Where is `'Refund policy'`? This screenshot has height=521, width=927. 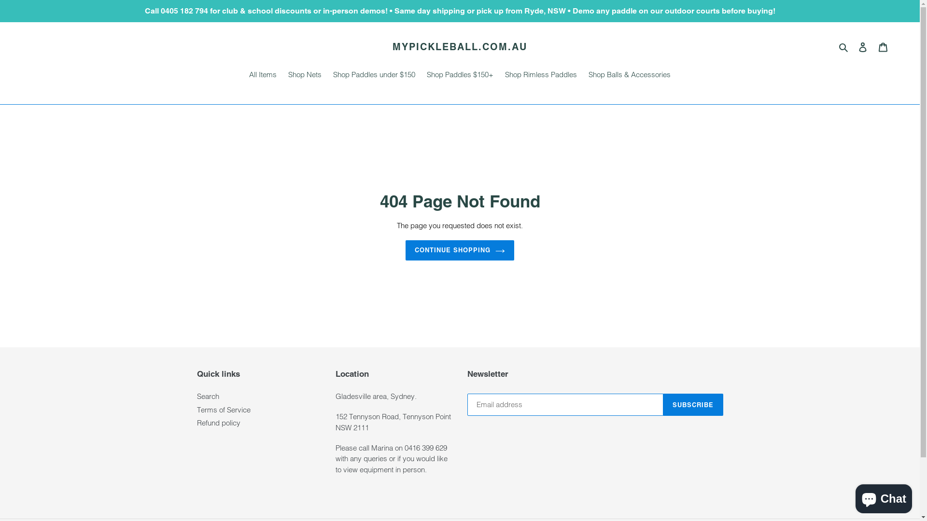 'Refund policy' is located at coordinates (218, 422).